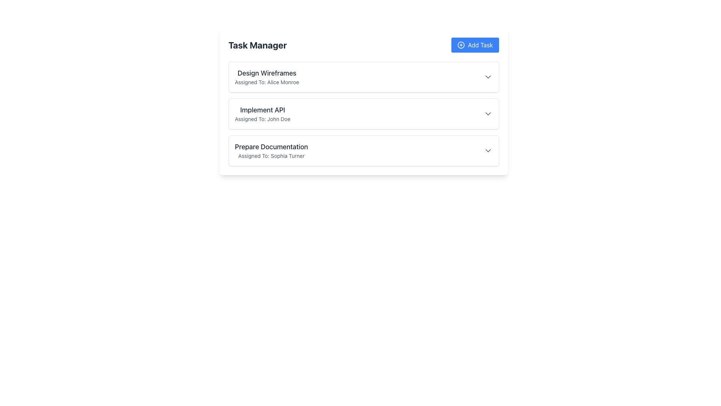 The image size is (721, 406). I want to click on the card labeled 'Implement API', so click(364, 114).